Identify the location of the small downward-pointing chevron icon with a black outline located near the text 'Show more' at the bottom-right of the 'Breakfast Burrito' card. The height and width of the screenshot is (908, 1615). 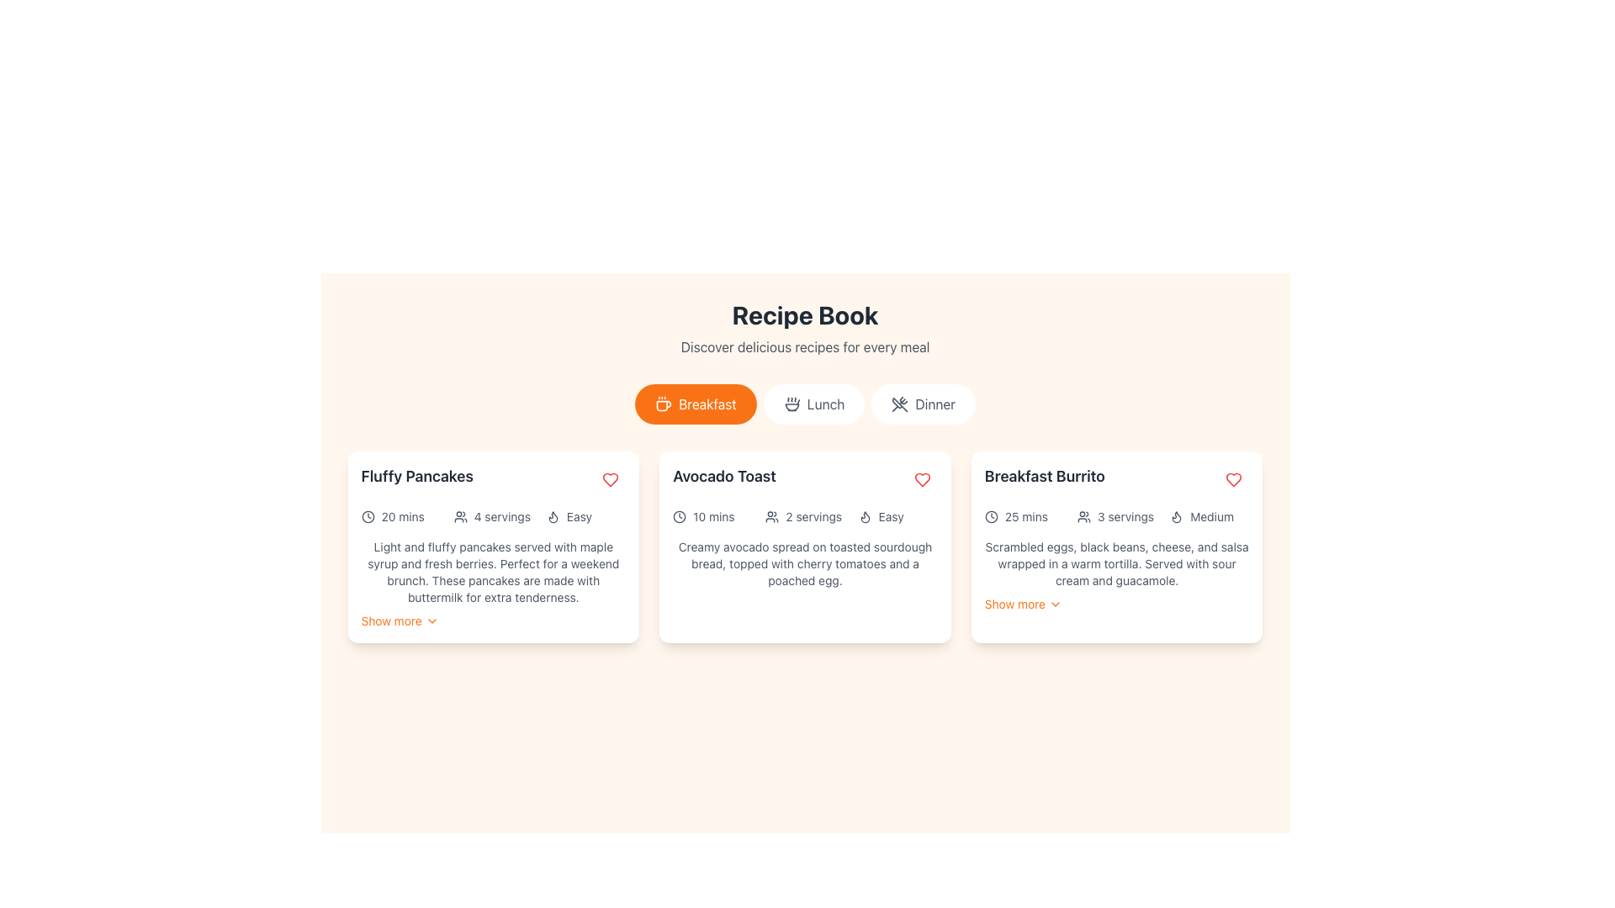
(1054, 603).